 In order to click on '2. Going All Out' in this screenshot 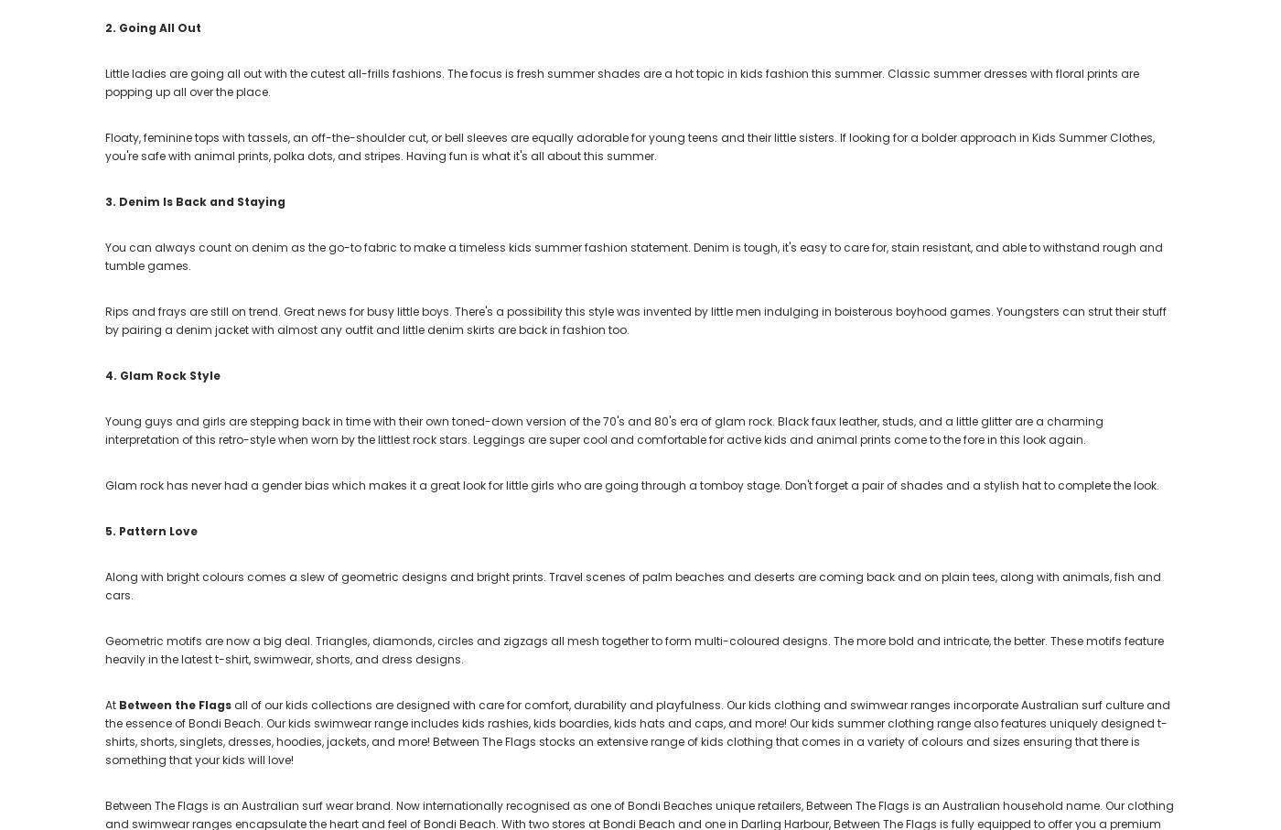, I will do `click(153, 27)`.